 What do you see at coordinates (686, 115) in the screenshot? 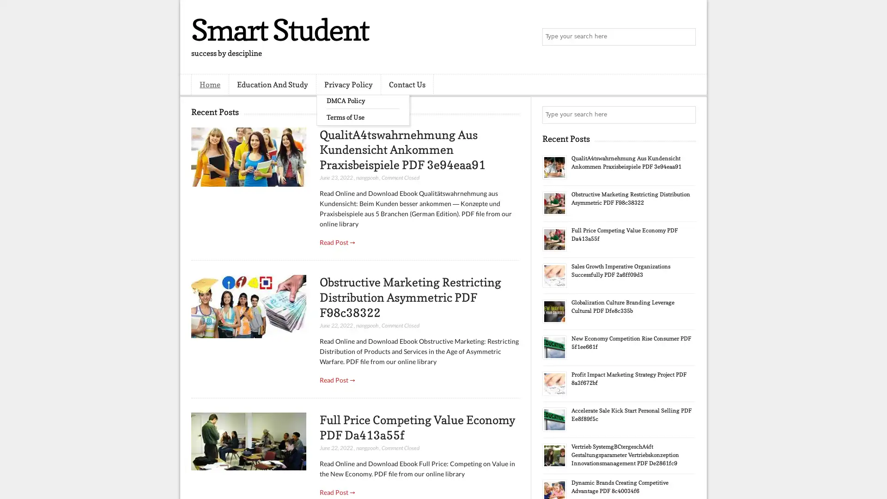
I see `Search` at bounding box center [686, 115].